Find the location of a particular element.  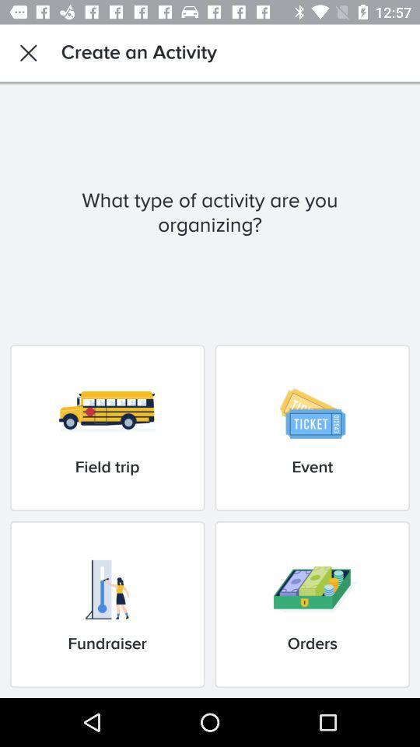

icon to the left of orders item is located at coordinates (107, 604).